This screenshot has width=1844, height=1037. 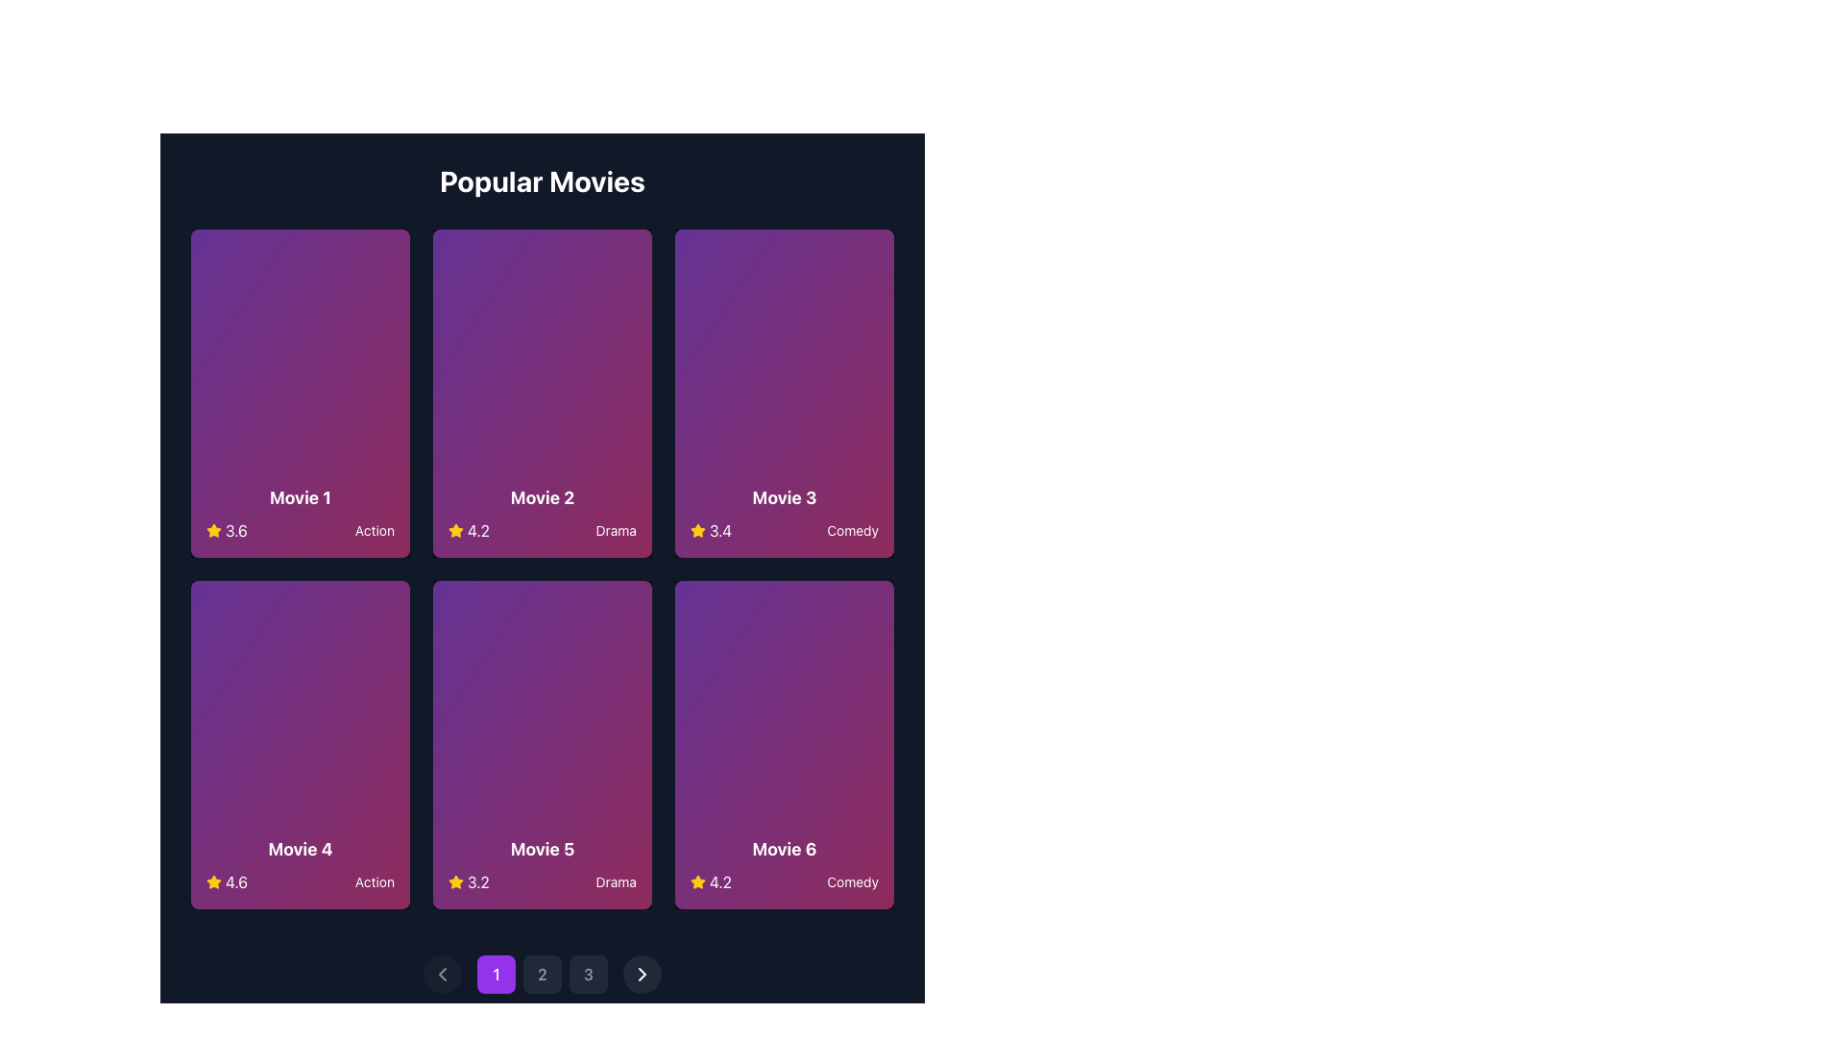 What do you see at coordinates (213, 881) in the screenshot?
I see `the yellow star-shaped icon used for rating, which is the fifth rating star beneath the card labeled 'Movie 5' in the grid layout` at bounding box center [213, 881].